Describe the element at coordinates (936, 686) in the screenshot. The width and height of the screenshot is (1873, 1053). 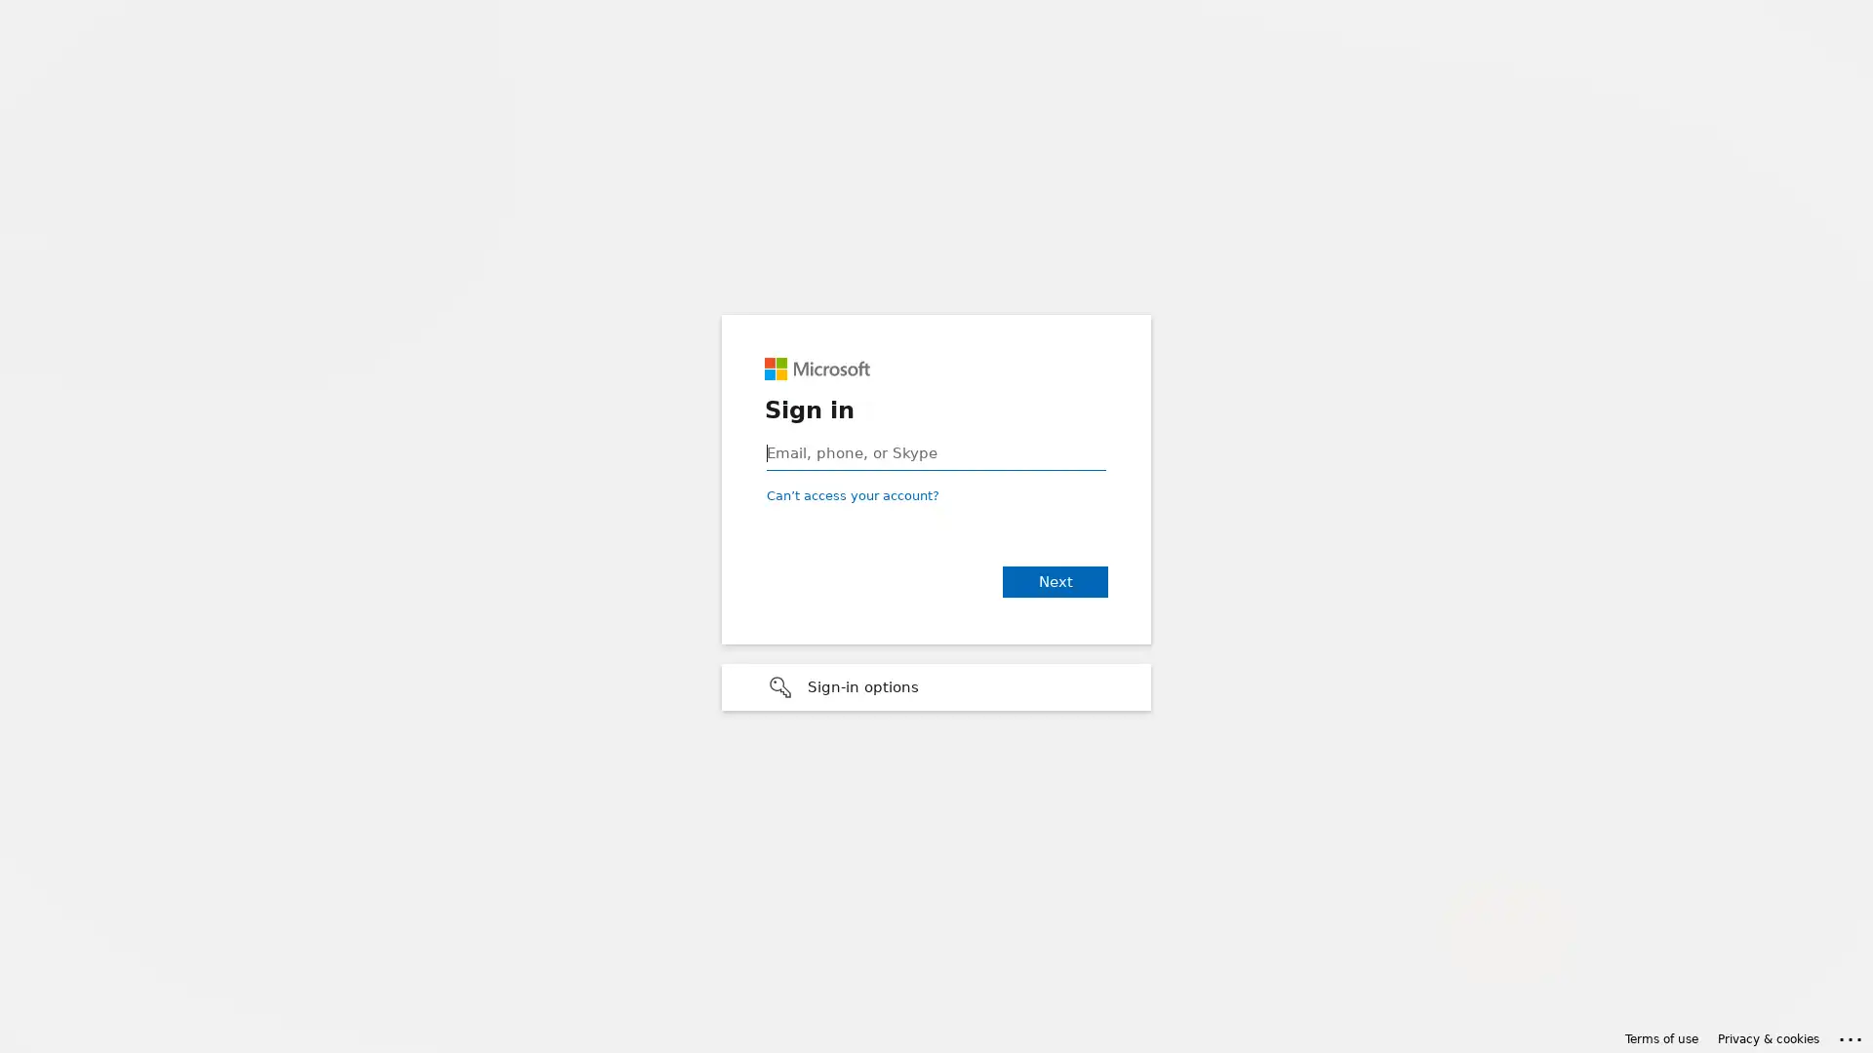
I see `Sign-in options` at that location.